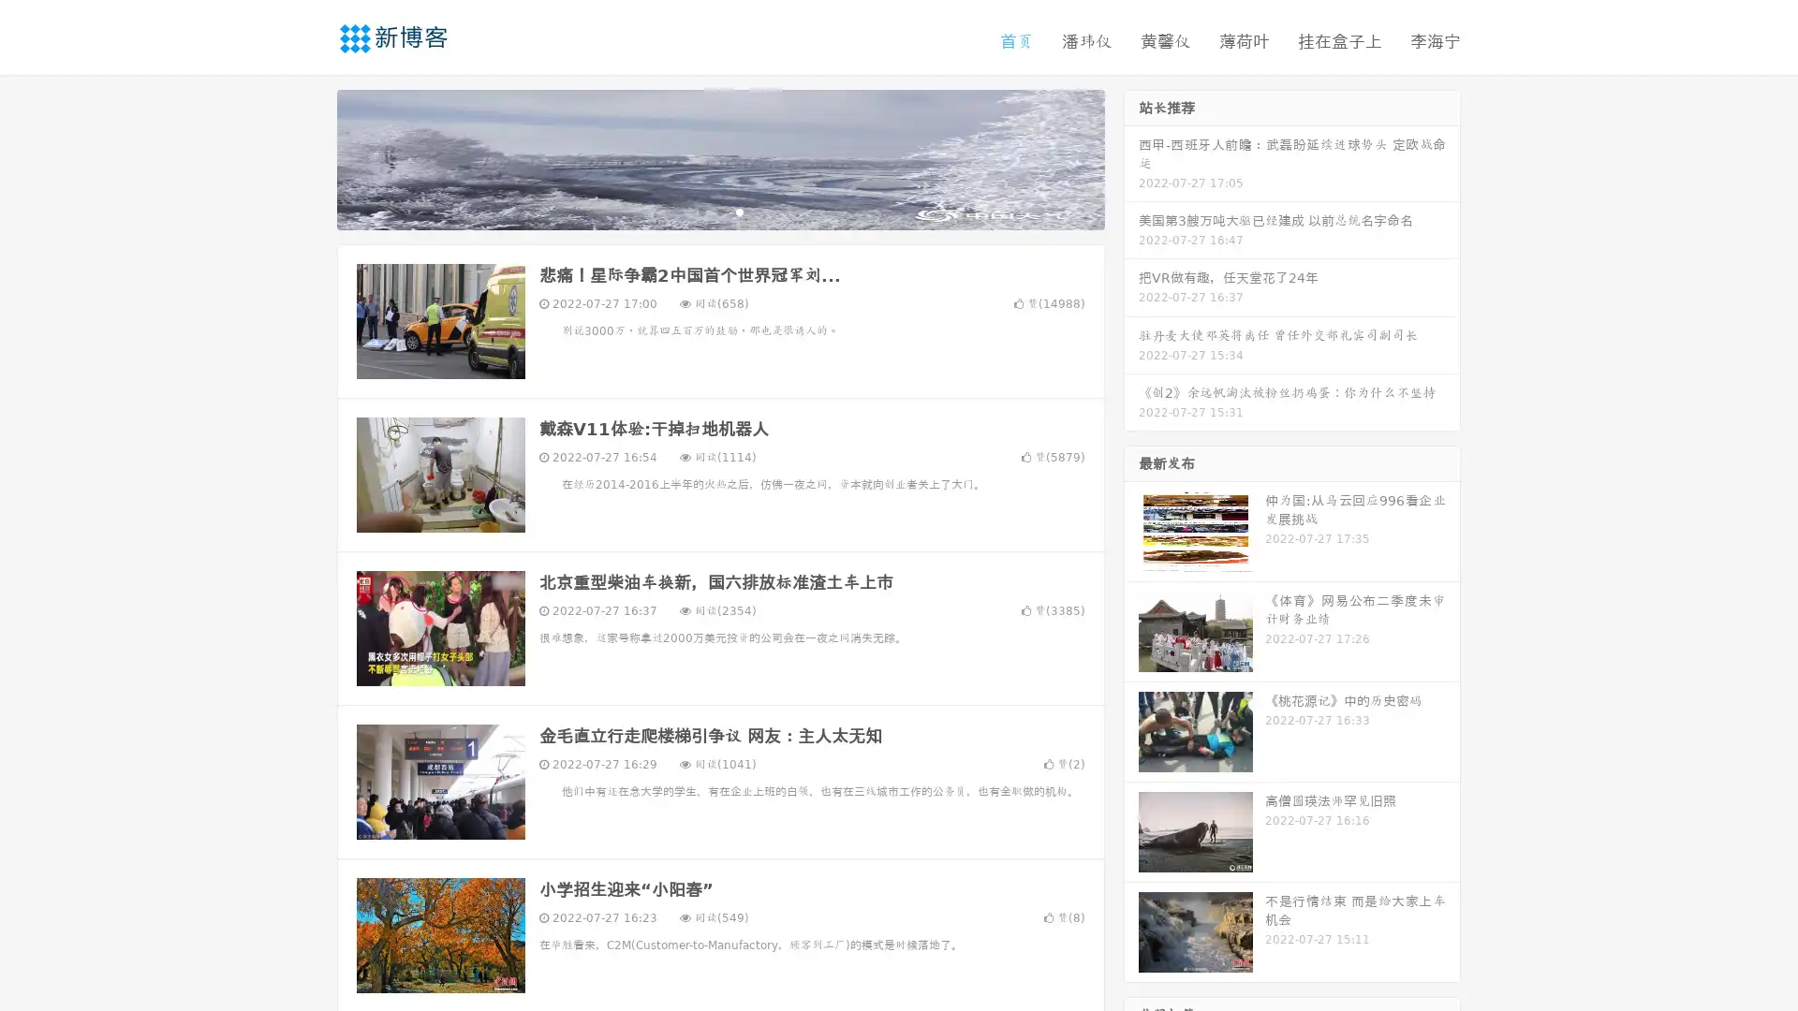 Image resolution: width=1798 pixels, height=1011 pixels. I want to click on Go to slide 1, so click(700, 211).